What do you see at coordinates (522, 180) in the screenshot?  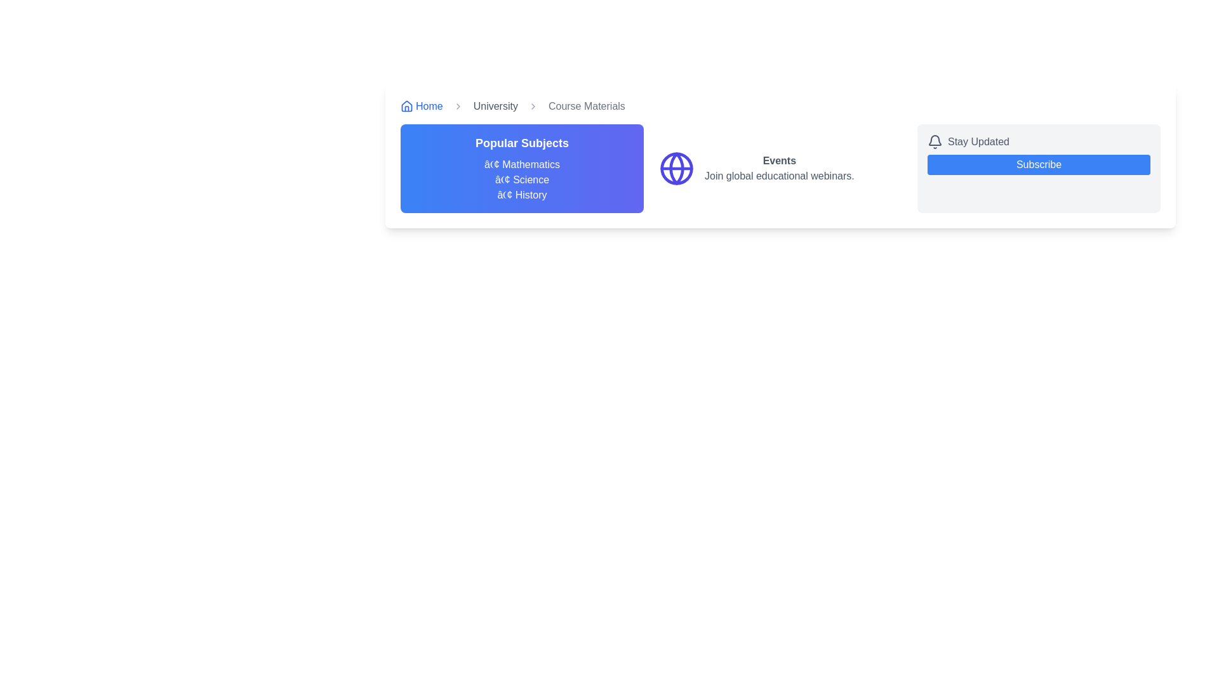 I see `the static text label displaying '• Science' which is the second item in the vertical list under the heading 'Popular Subjects'` at bounding box center [522, 180].